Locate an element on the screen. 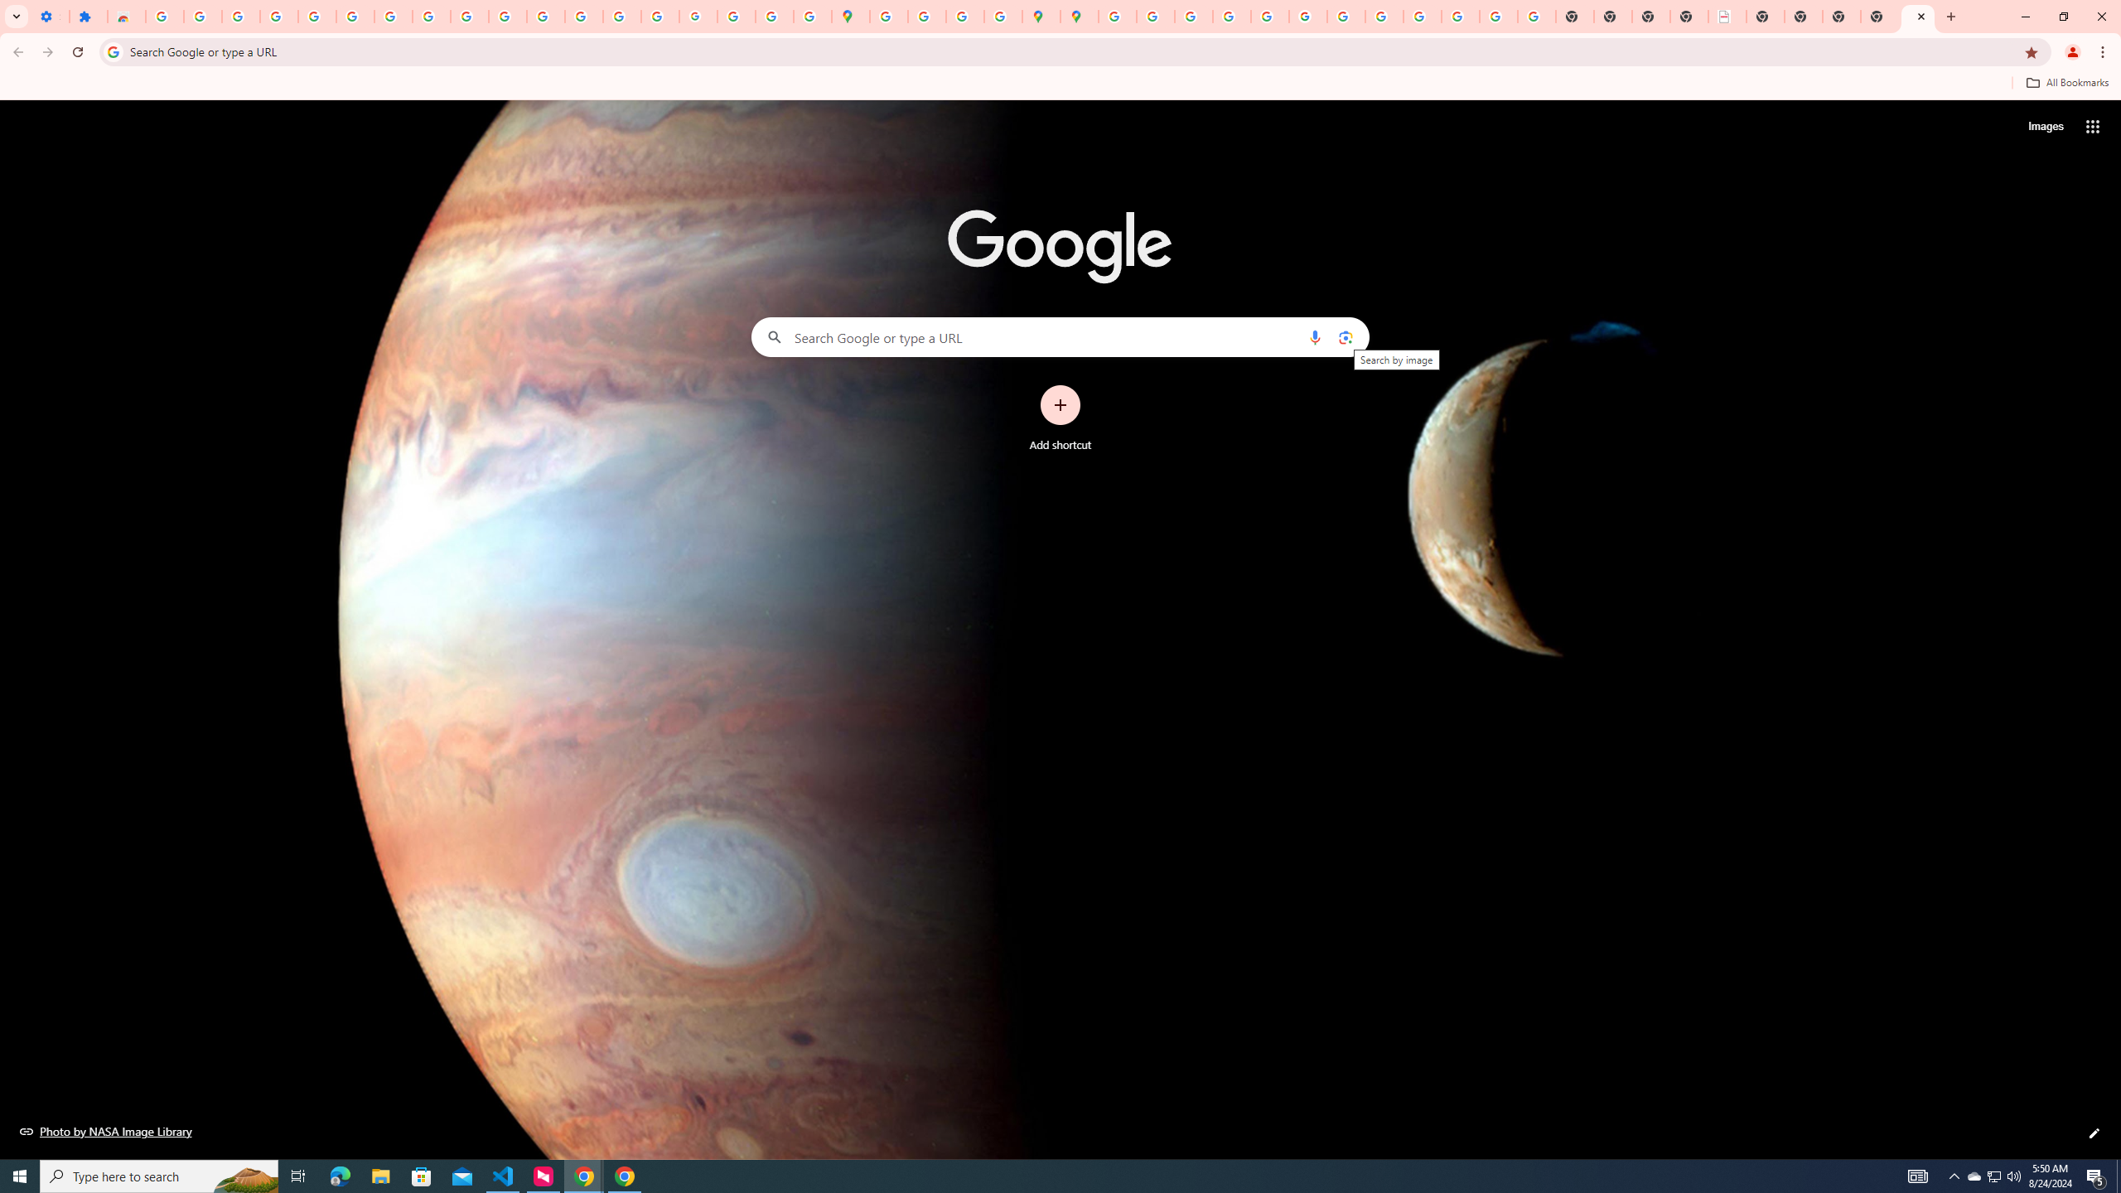 The image size is (2121, 1193). 'Privacy Help Center - Policies Help' is located at coordinates (1230, 16).